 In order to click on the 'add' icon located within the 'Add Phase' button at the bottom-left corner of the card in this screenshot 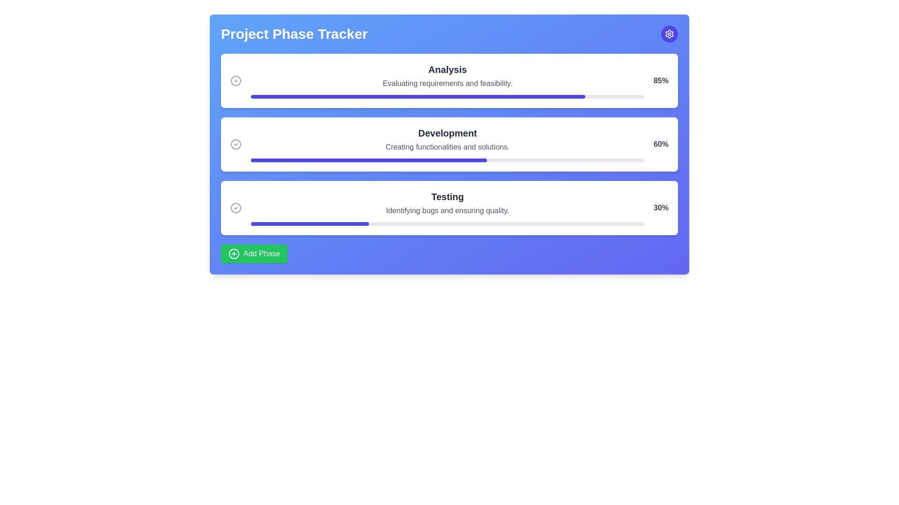, I will do `click(234, 254)`.